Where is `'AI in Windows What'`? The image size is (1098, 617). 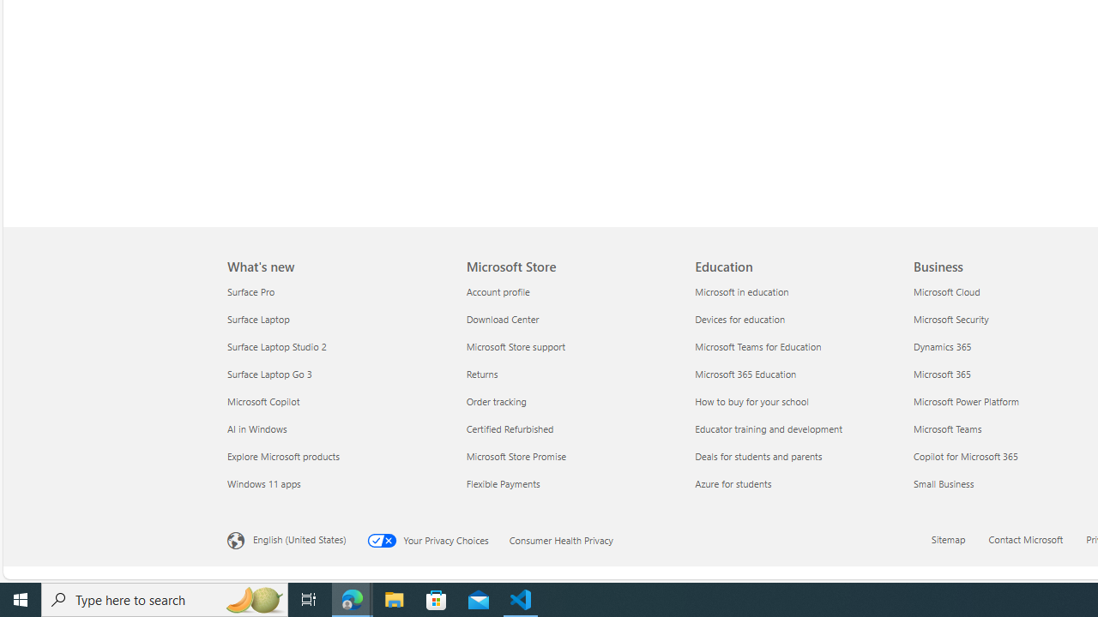
'AI in Windows What' is located at coordinates (256, 428).